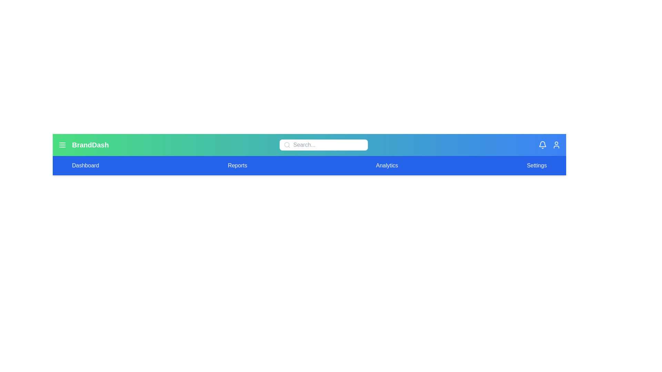 This screenshot has height=372, width=662. I want to click on the 'Reports' tab to navigate to the Reports section, so click(237, 166).